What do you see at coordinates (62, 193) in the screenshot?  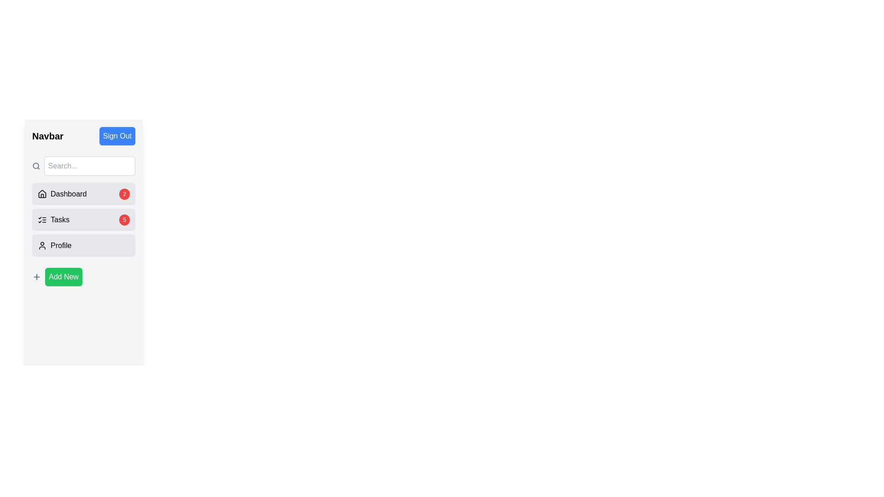 I see `the 'Dashboard' navigation menu item, which is styled with a medium font weight and includes a house icon` at bounding box center [62, 193].